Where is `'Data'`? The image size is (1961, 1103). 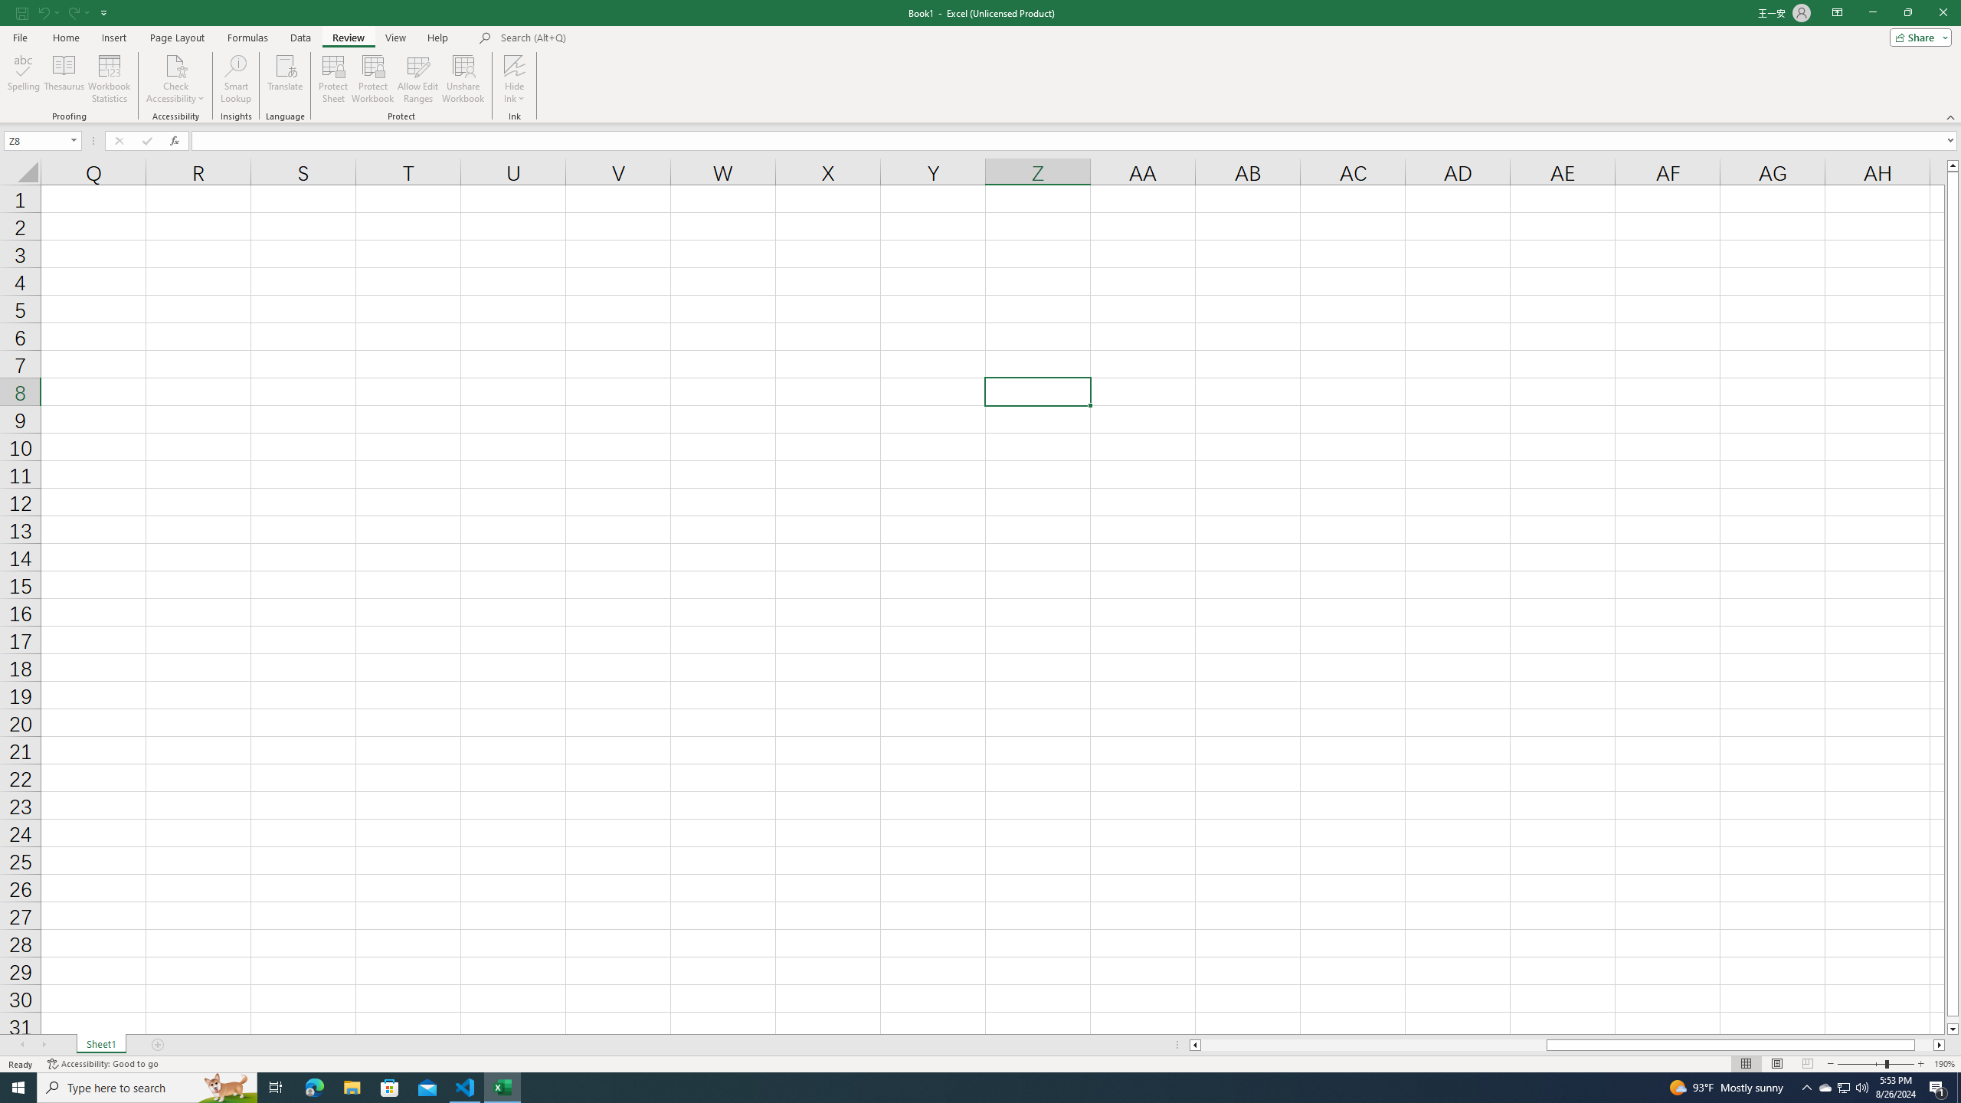
'Data' is located at coordinates (300, 38).